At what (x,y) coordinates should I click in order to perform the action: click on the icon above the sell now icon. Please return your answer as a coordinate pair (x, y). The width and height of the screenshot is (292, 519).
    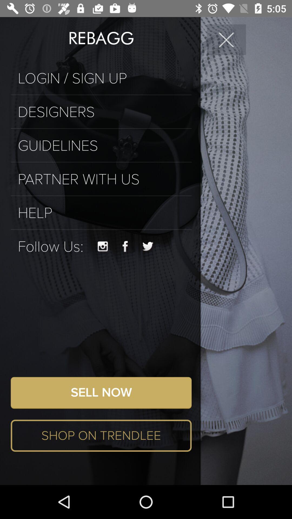
    Looking at the image, I should click on (103, 246).